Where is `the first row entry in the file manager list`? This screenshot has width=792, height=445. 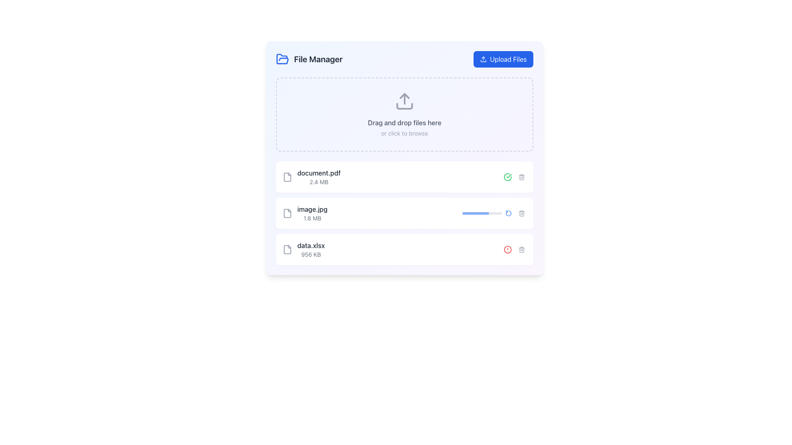 the first row entry in the file manager list is located at coordinates (404, 176).